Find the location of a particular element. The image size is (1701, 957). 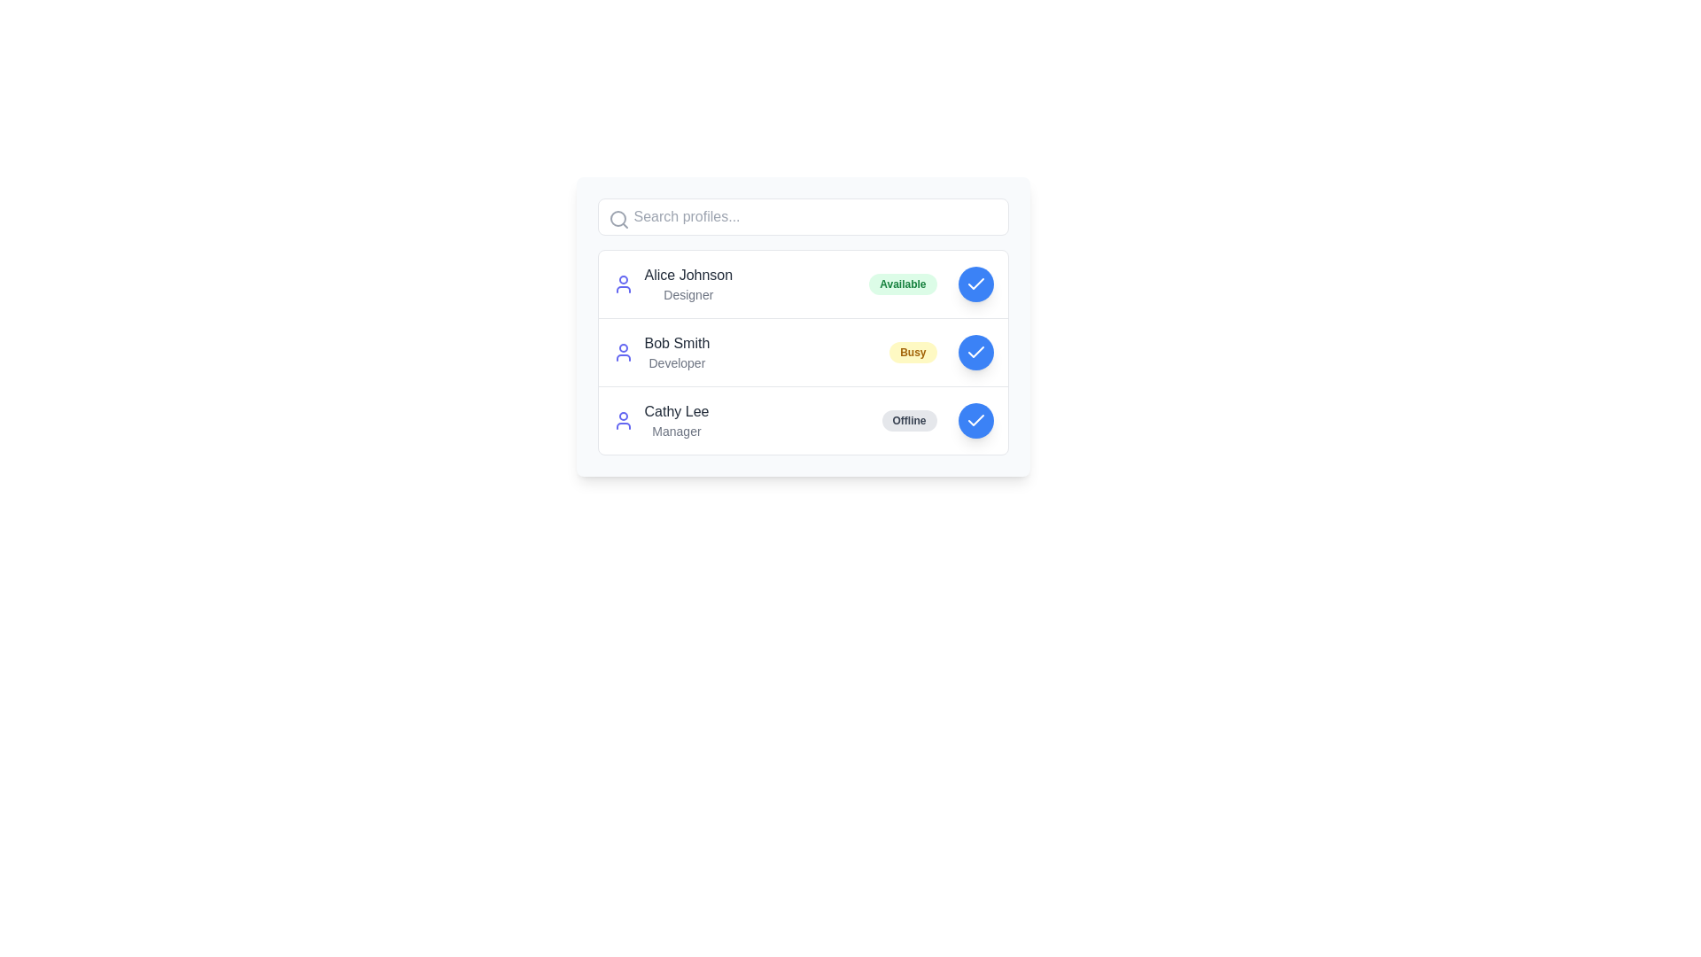

the user avatar icon for 'Alice Johnson', which is styled with a blue outline and located at the left of the first row in the user profiles list, to initiate an action related to the user is located at coordinates (623, 283).